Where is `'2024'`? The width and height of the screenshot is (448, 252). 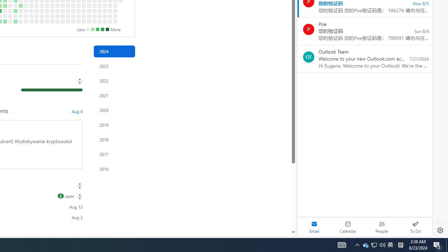
'2024' is located at coordinates (114, 51).